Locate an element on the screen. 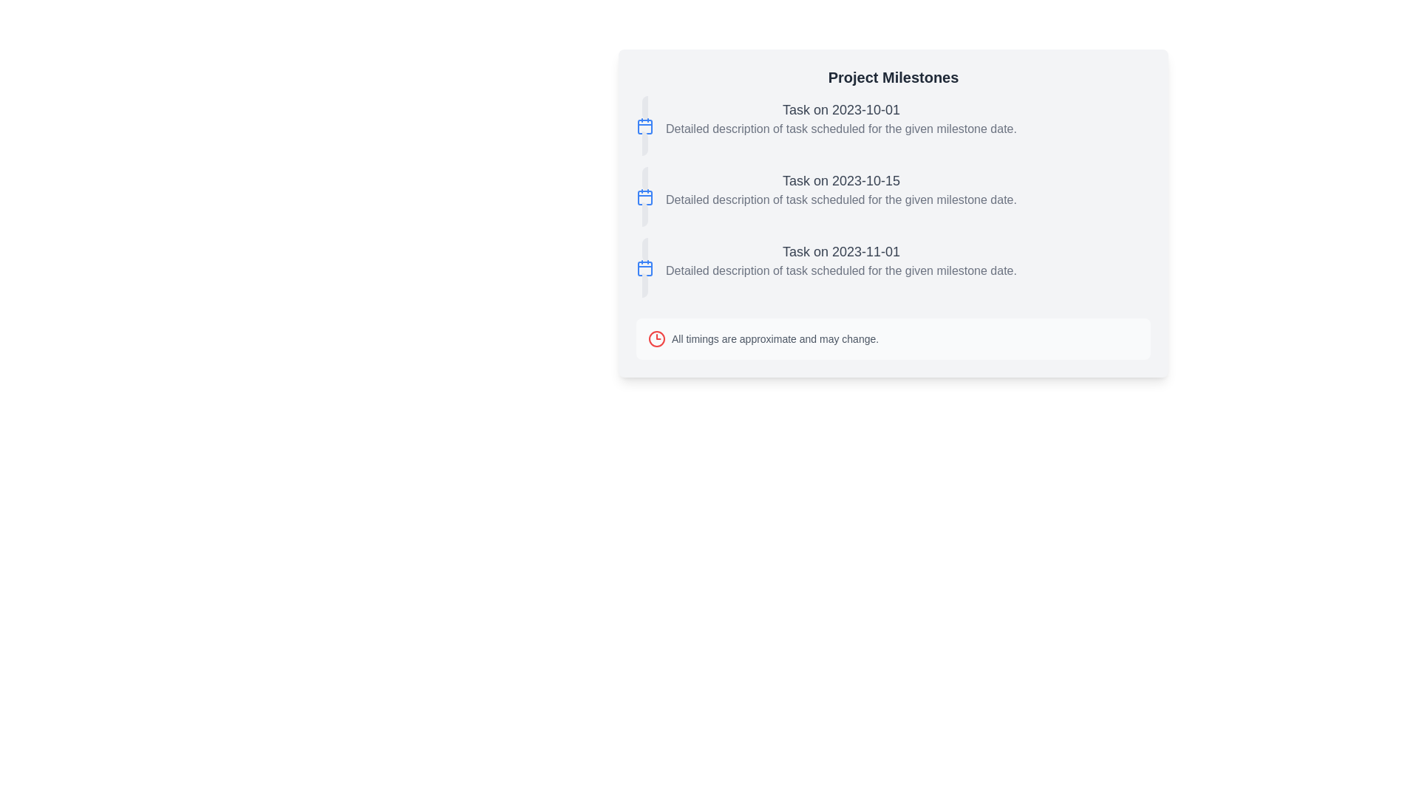 Image resolution: width=1419 pixels, height=798 pixels. the Text Display element that provides additional information about a specific task or milestone, located below the task title 'Task on 2023-10-15' in the center-right area of the interface is located at coordinates (841, 199).